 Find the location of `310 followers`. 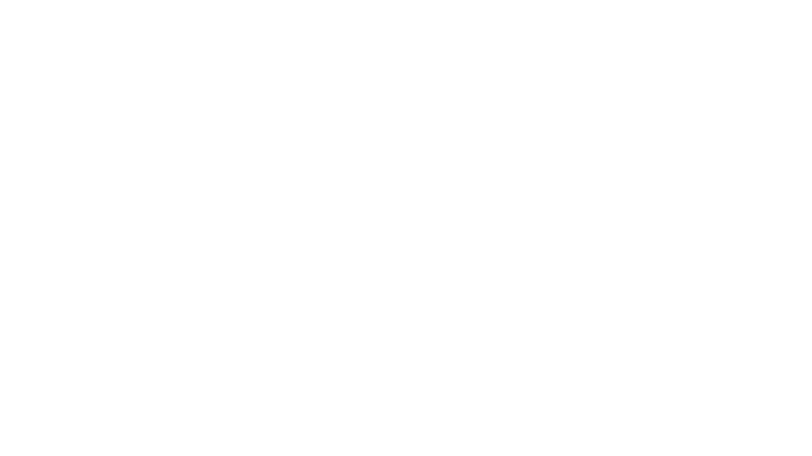

310 followers is located at coordinates (414, 71).